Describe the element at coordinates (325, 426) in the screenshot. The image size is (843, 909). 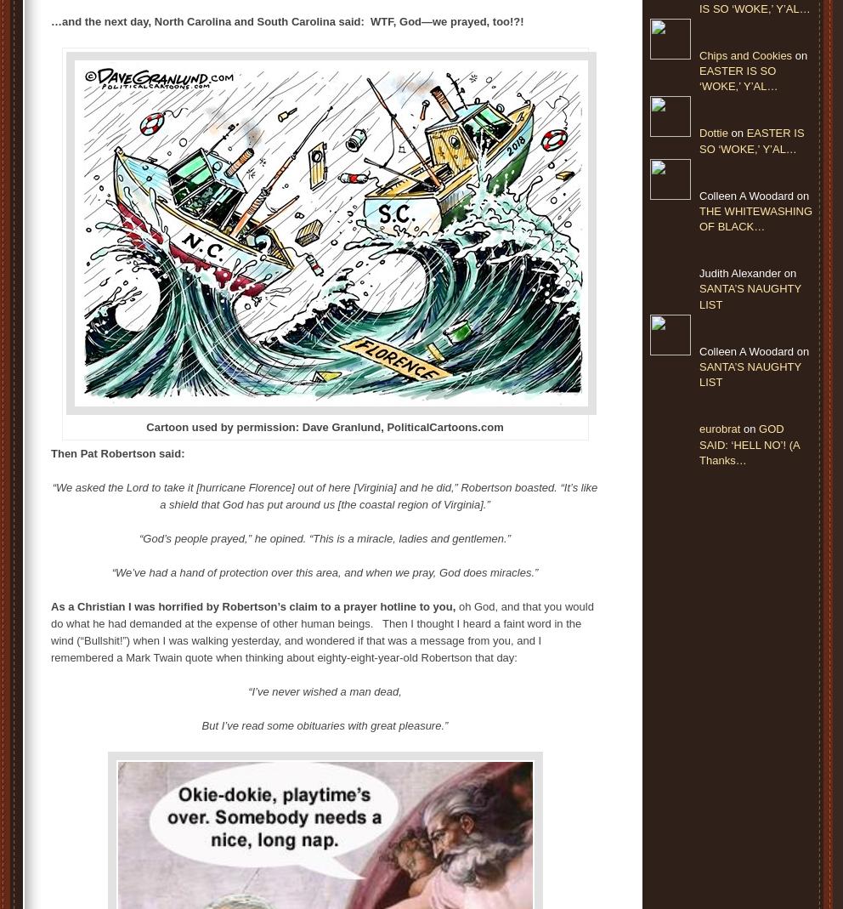
I see `'Cartoon used by permission: Dave Granlund, PoliticalCartoons.com'` at that location.